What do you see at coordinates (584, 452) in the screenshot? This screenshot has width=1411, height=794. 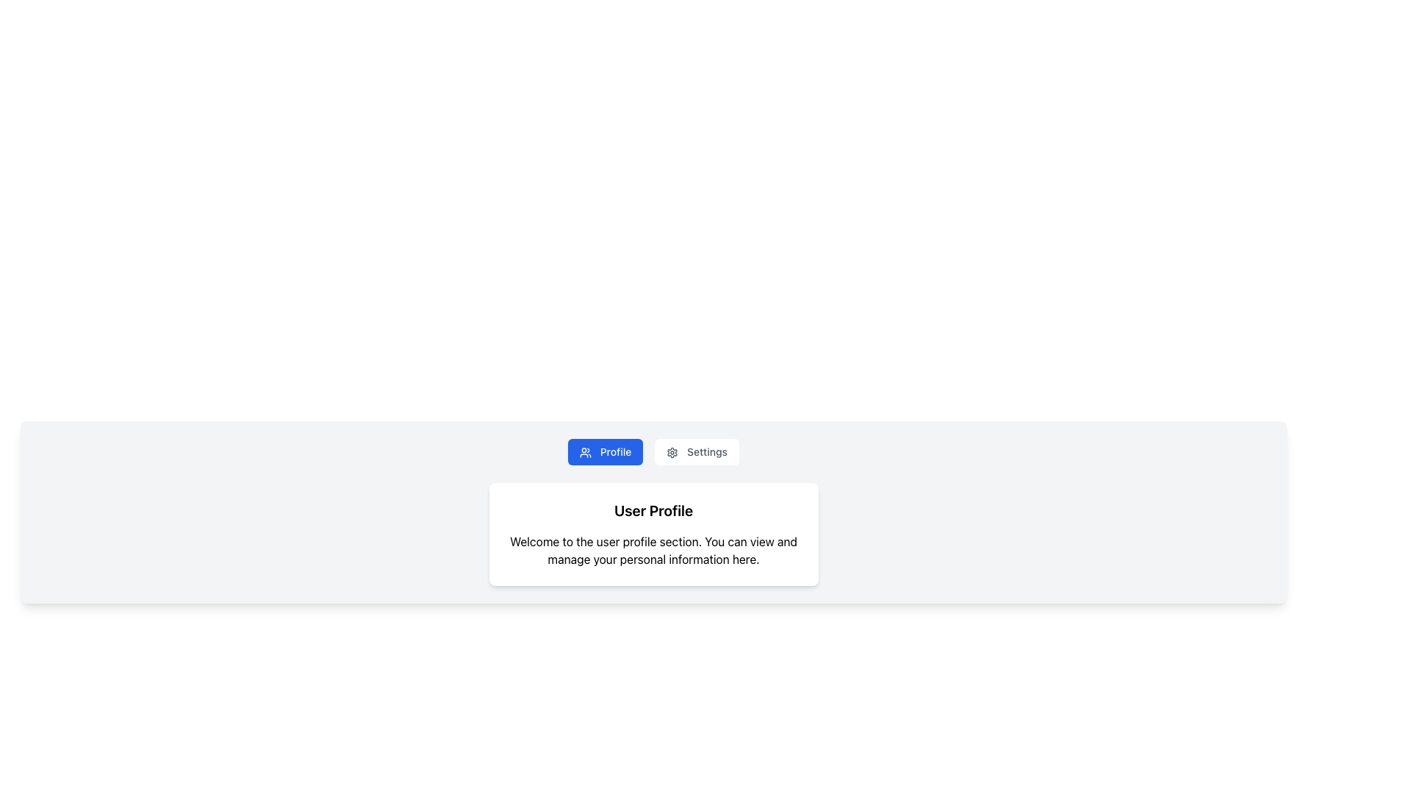 I see `the Profile icon located in the upper-left center of the interface, which symbolizes user profiles or groups` at bounding box center [584, 452].